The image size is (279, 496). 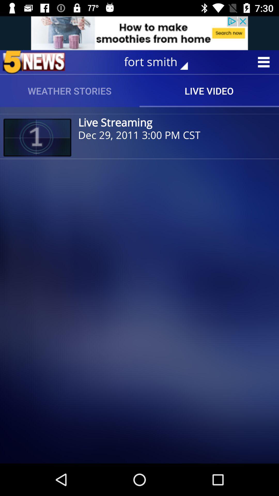 I want to click on advertisement, so click(x=139, y=33).